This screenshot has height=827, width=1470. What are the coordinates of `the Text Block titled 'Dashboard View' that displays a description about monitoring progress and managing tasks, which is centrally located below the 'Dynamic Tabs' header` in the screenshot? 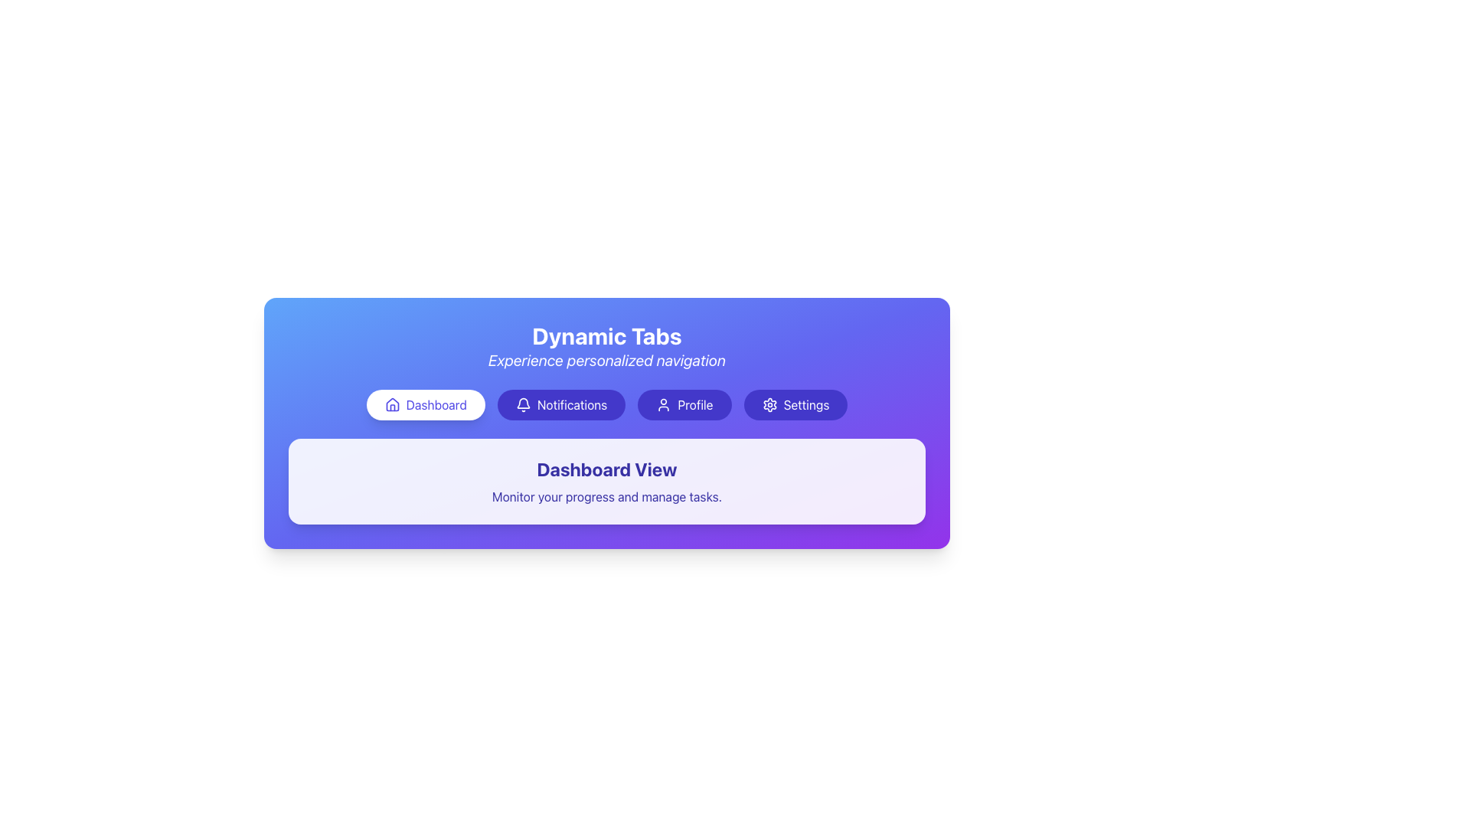 It's located at (606, 480).